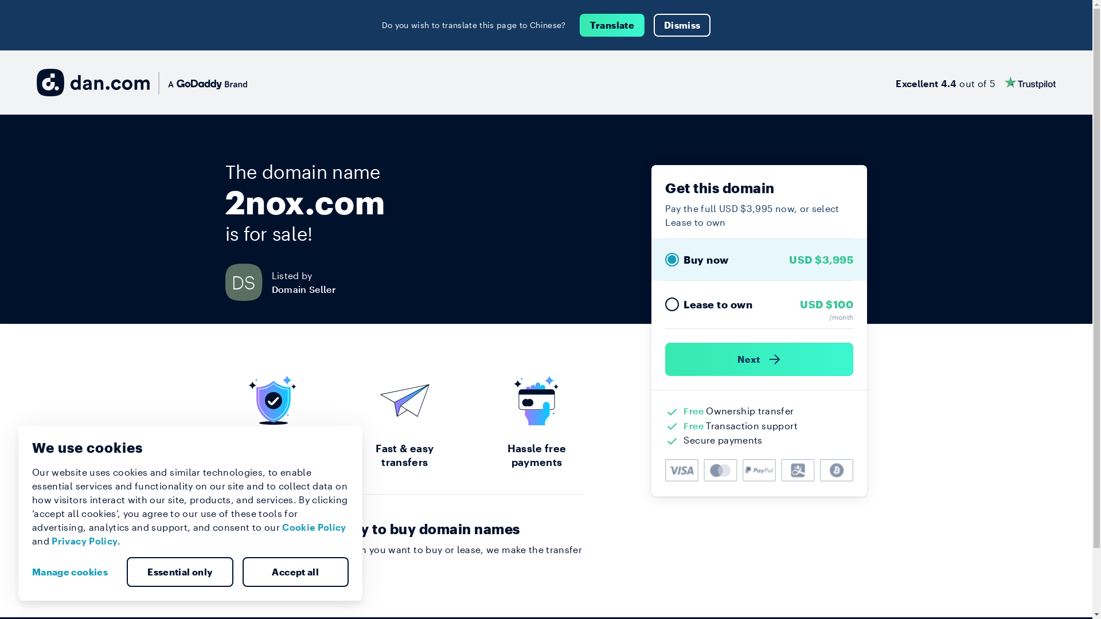 The width and height of the screenshot is (1101, 619). What do you see at coordinates (179, 572) in the screenshot?
I see `'Essential only'` at bounding box center [179, 572].